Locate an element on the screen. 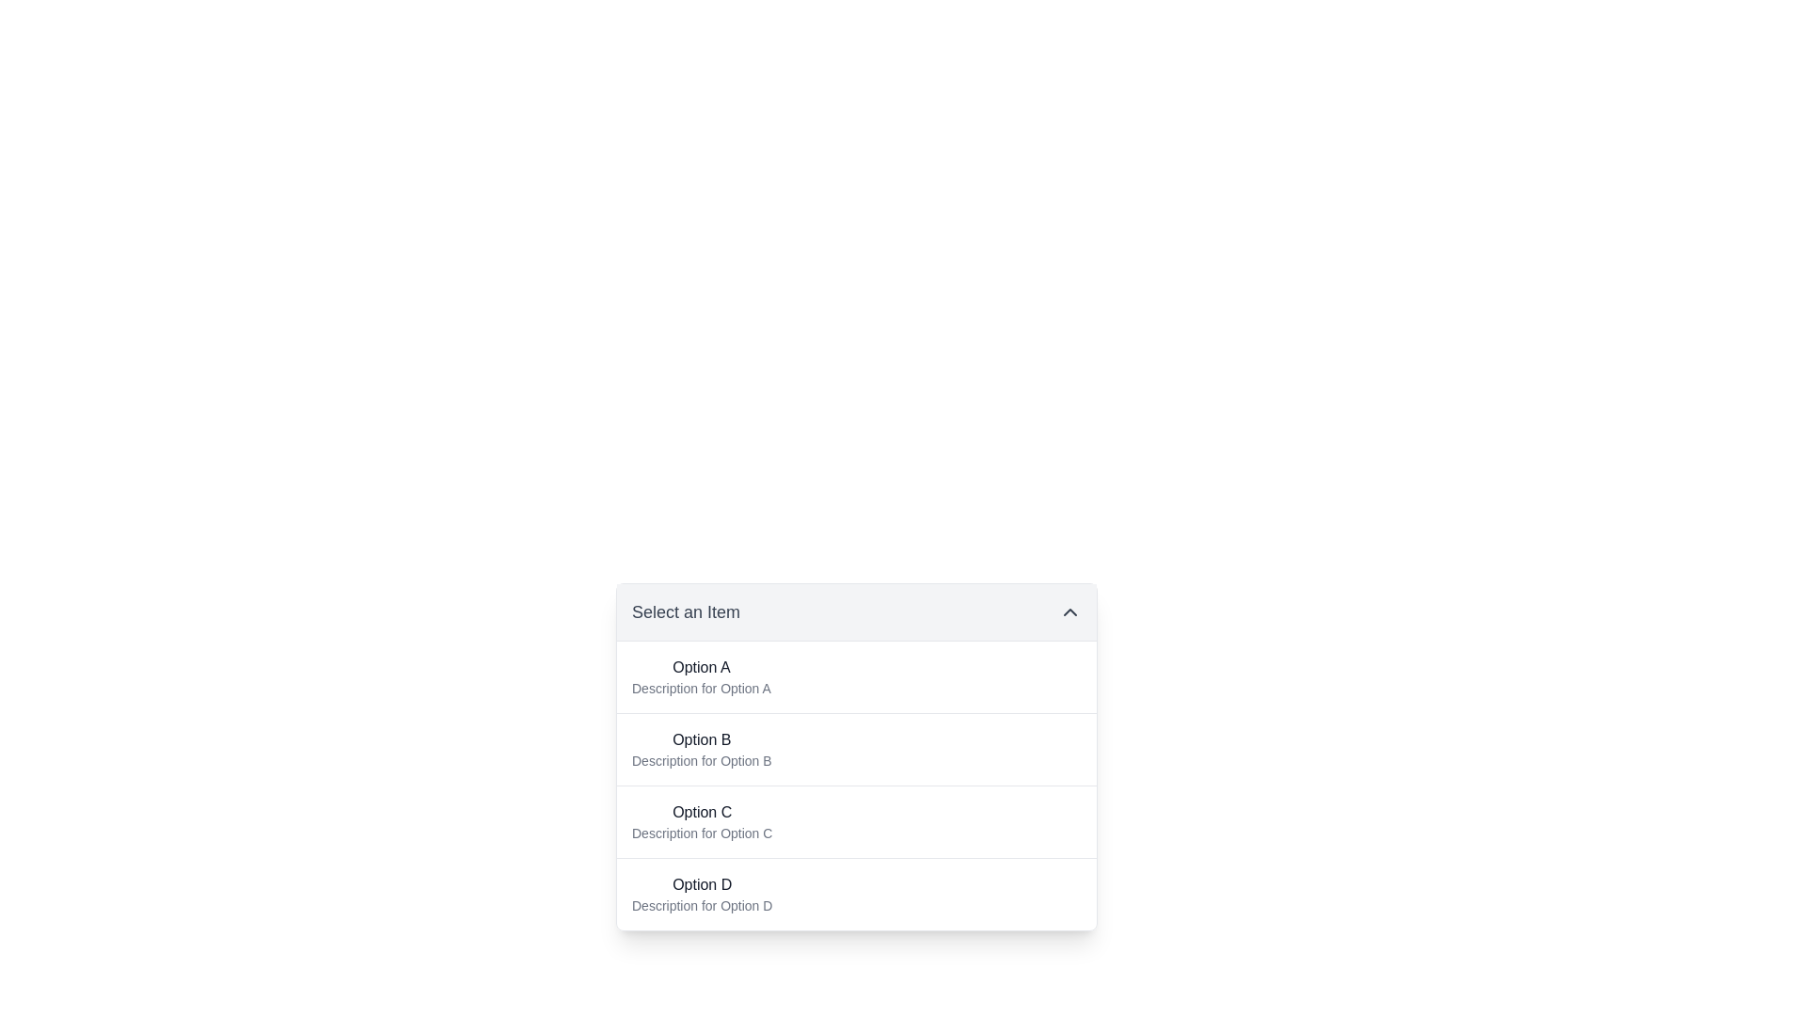 The height and width of the screenshot is (1016, 1806). the List Item displaying 'Option B' is located at coordinates (701, 749).